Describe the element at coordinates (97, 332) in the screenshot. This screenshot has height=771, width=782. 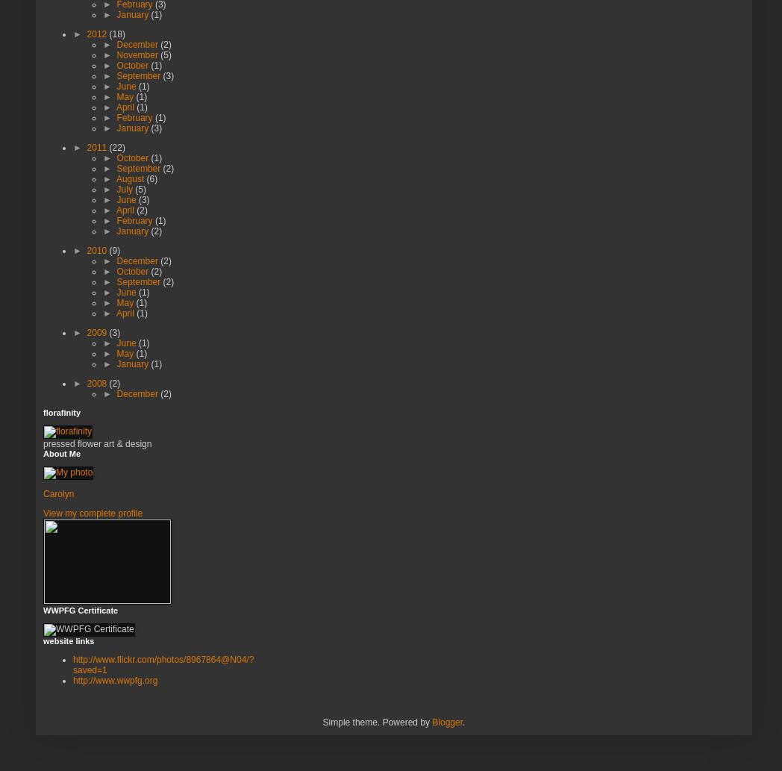
I see `'2009'` at that location.